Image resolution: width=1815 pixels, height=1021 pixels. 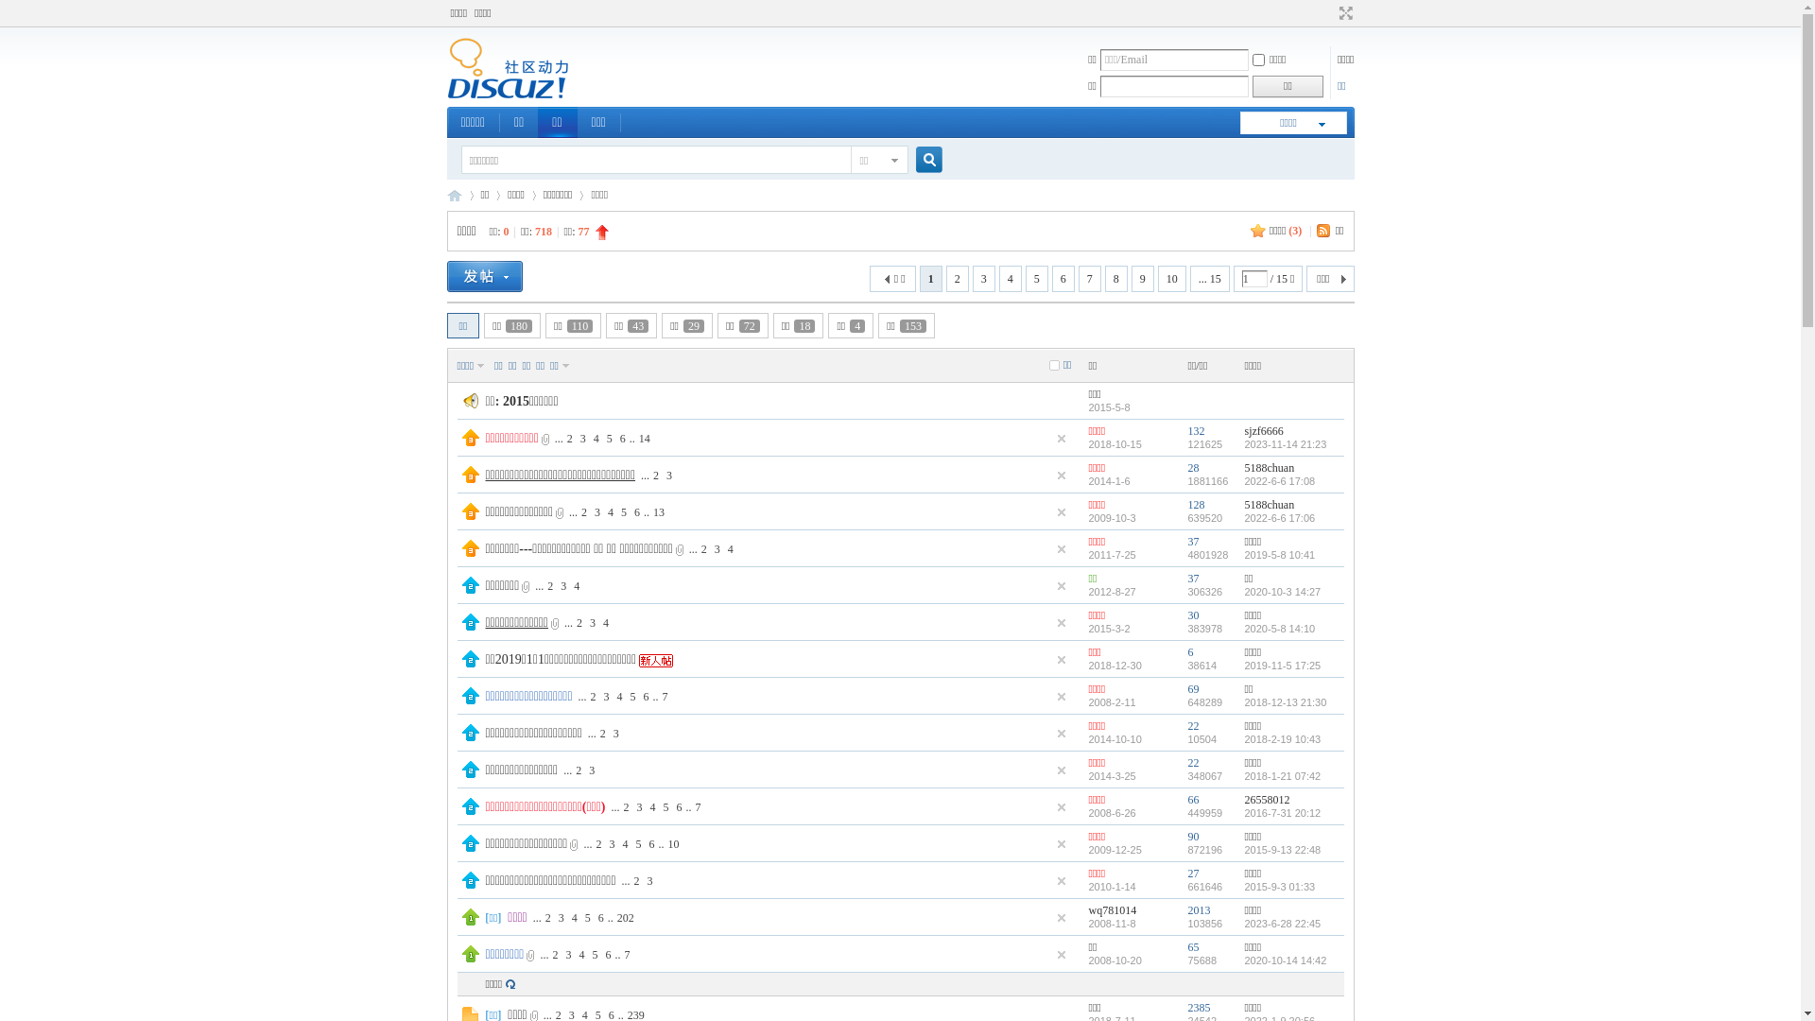 I want to click on '5', so click(x=1036, y=278).